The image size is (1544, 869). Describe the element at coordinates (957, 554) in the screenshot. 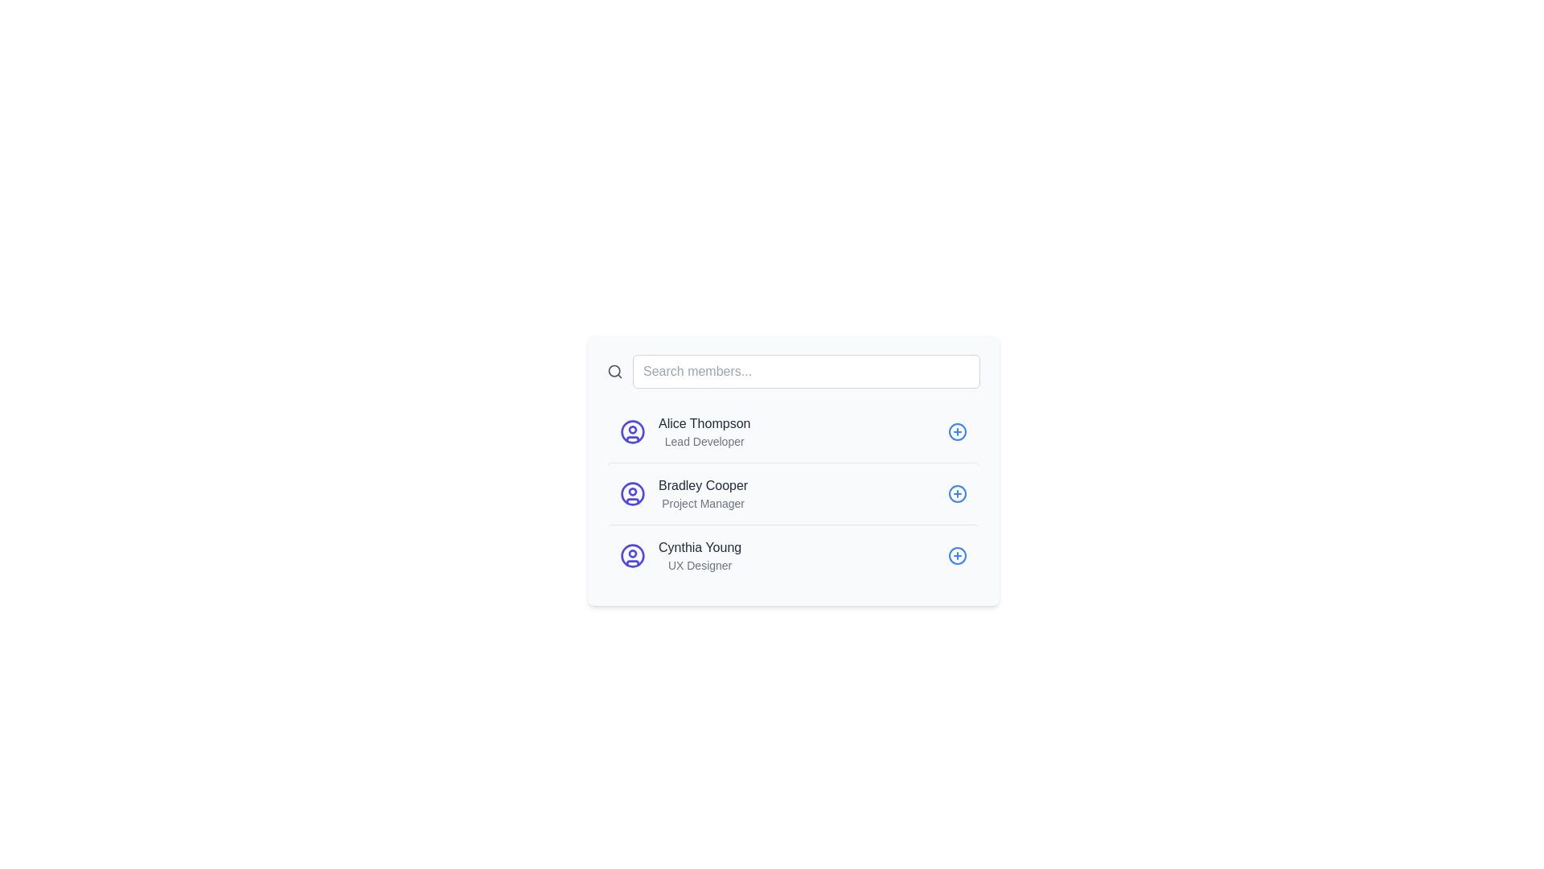

I see `the center of the Circle icon associated with the action button for 'Cynthia Young'` at that location.